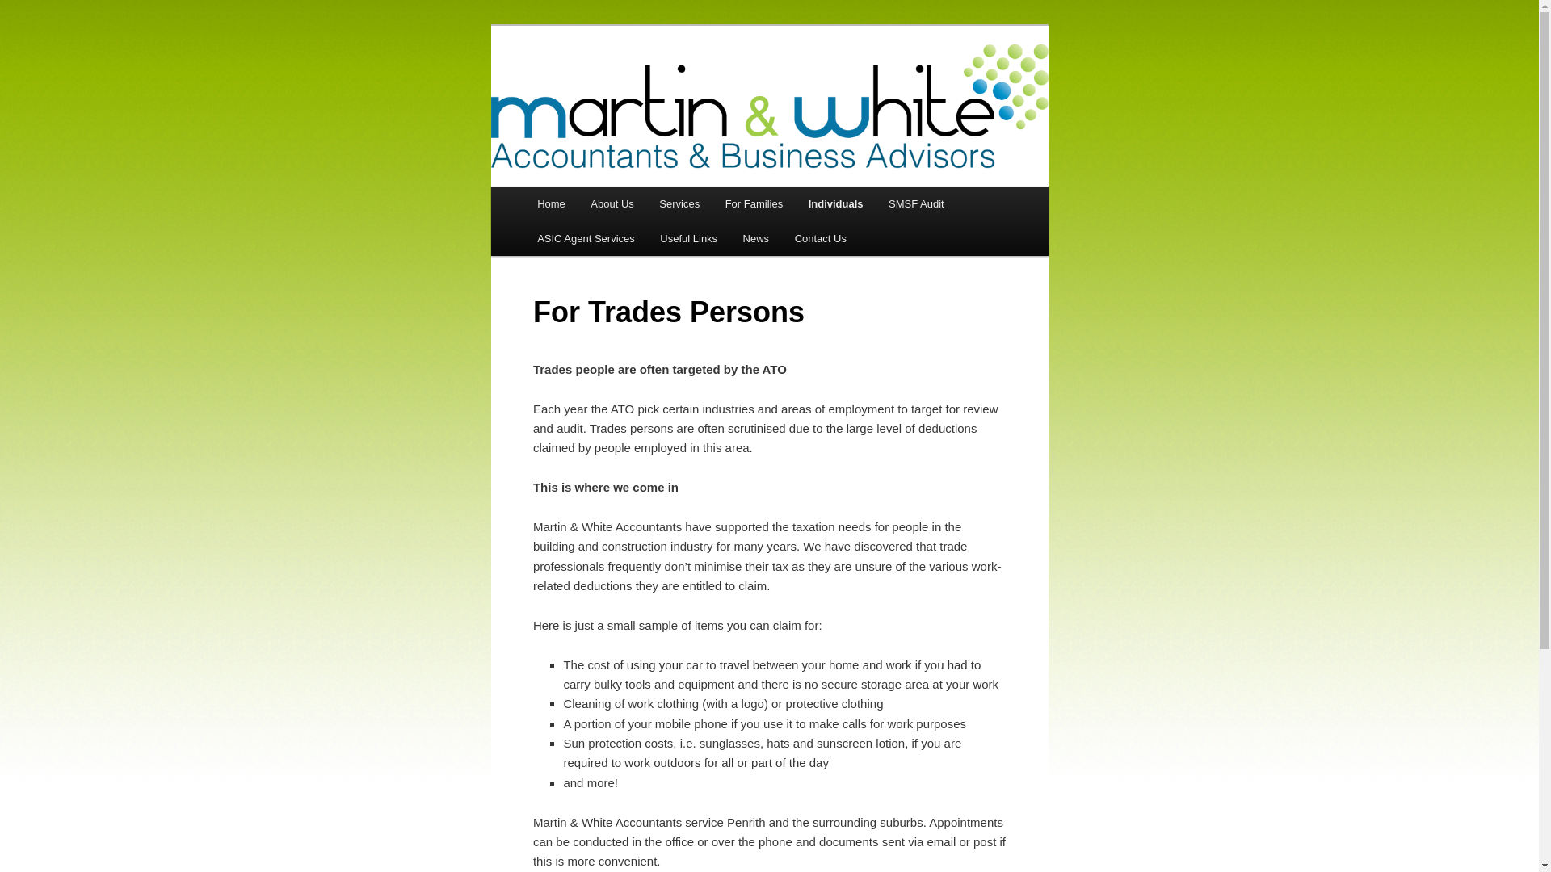 The image size is (1551, 872). I want to click on 'SMSF Audit', so click(875, 203).